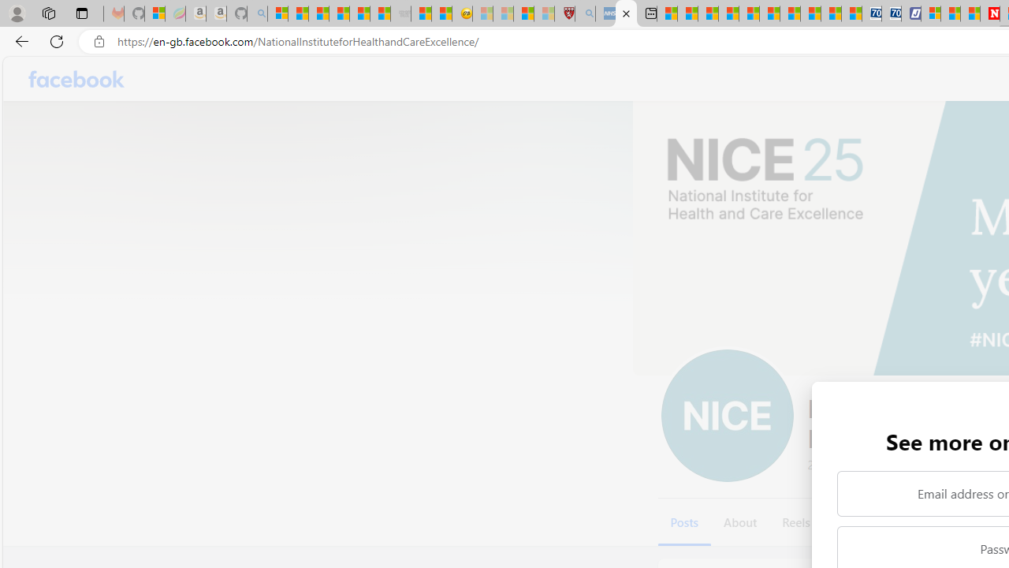  Describe the element at coordinates (891, 13) in the screenshot. I see `'Cheap Hotels - Save70.com'` at that location.